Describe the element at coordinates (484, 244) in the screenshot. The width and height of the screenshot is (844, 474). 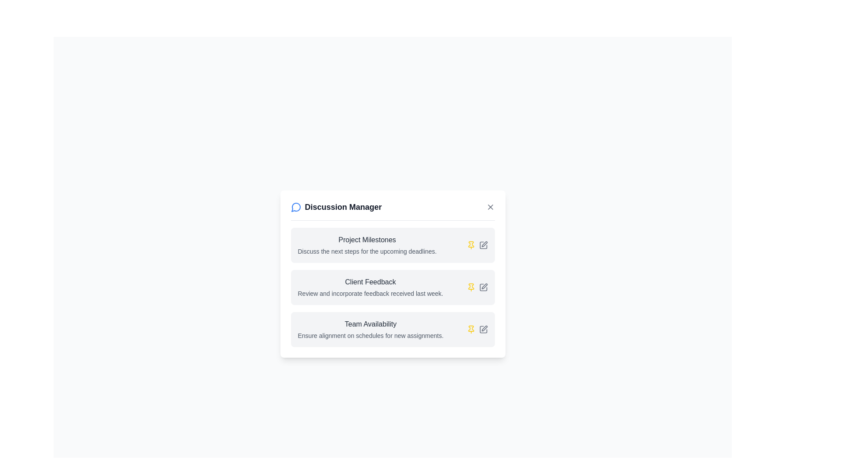
I see `the icon button resembling a pen located to the right of 'Client Feedback'` at that location.